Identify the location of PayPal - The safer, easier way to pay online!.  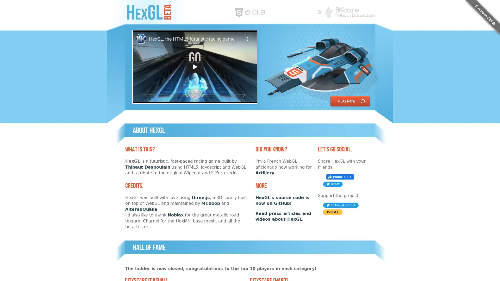
(332, 212).